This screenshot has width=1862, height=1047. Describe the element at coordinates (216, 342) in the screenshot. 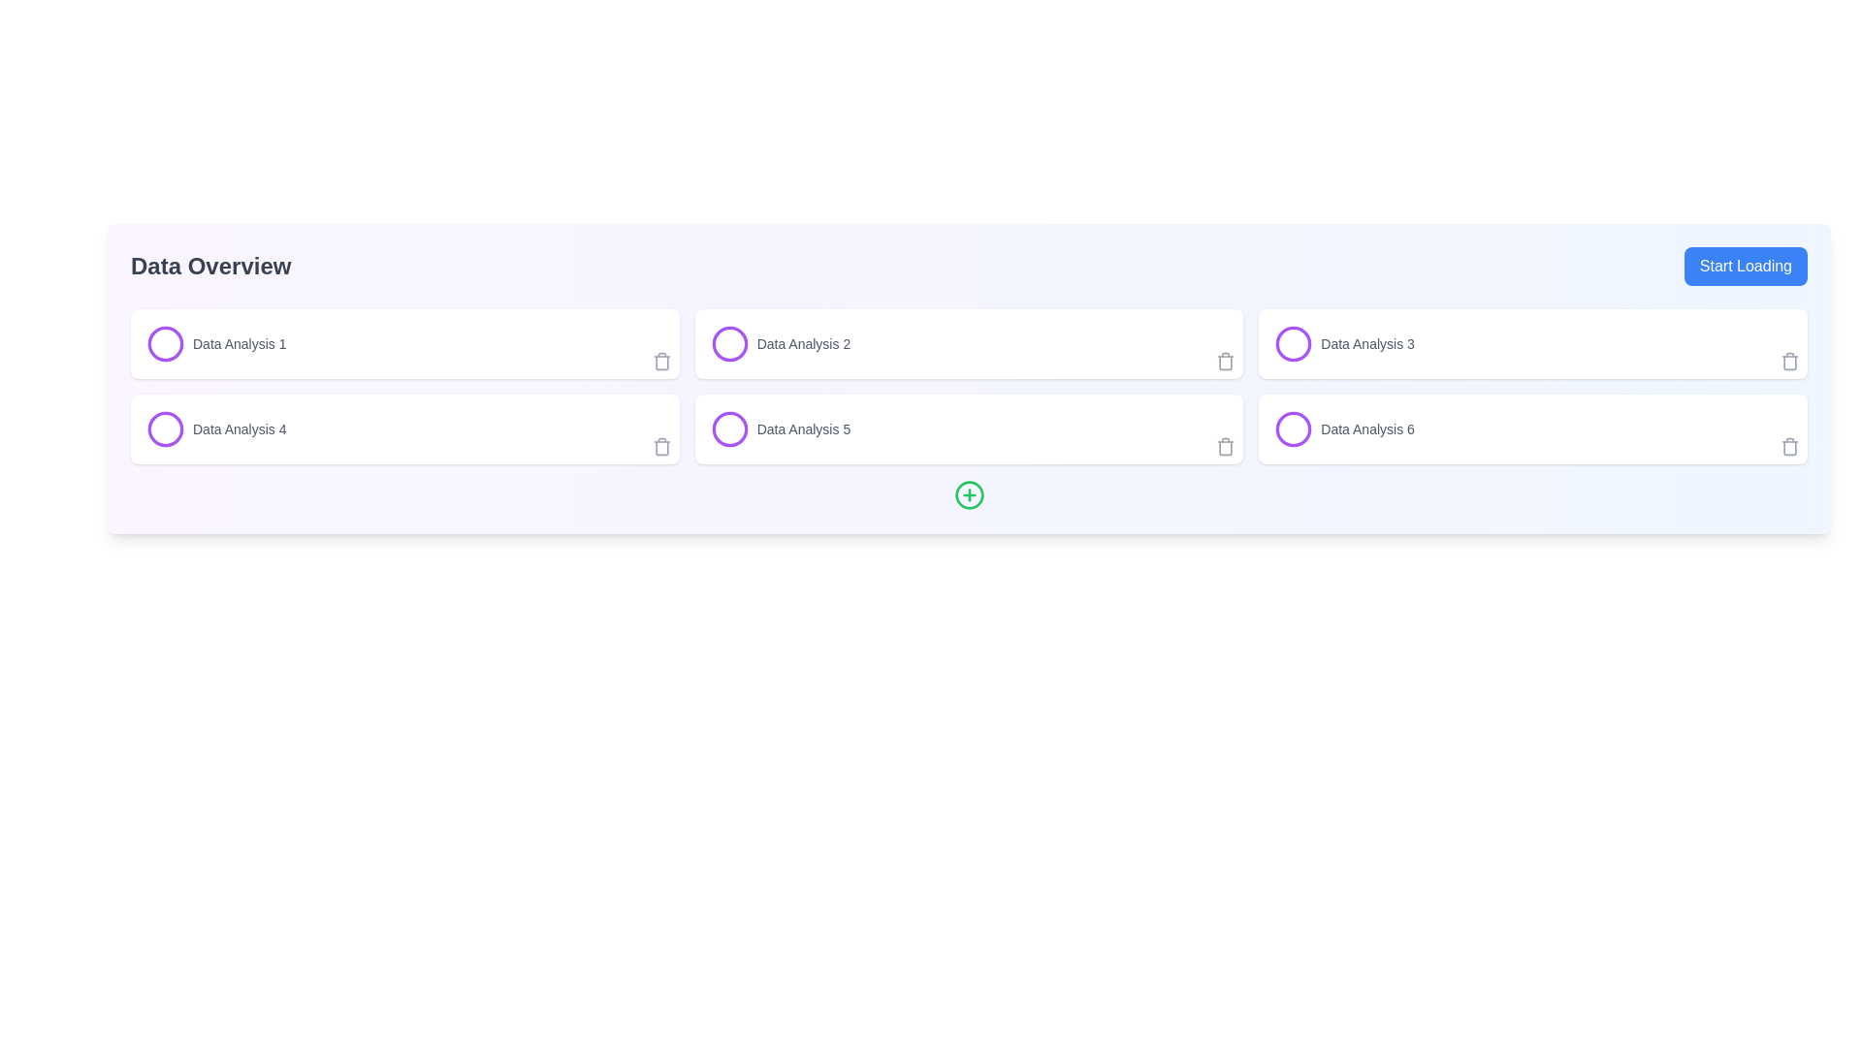

I see `the 'Data Analysis 1' button, which features a medium font size text and a purple circular icon, positioned in the top-left corner of a grid` at that location.